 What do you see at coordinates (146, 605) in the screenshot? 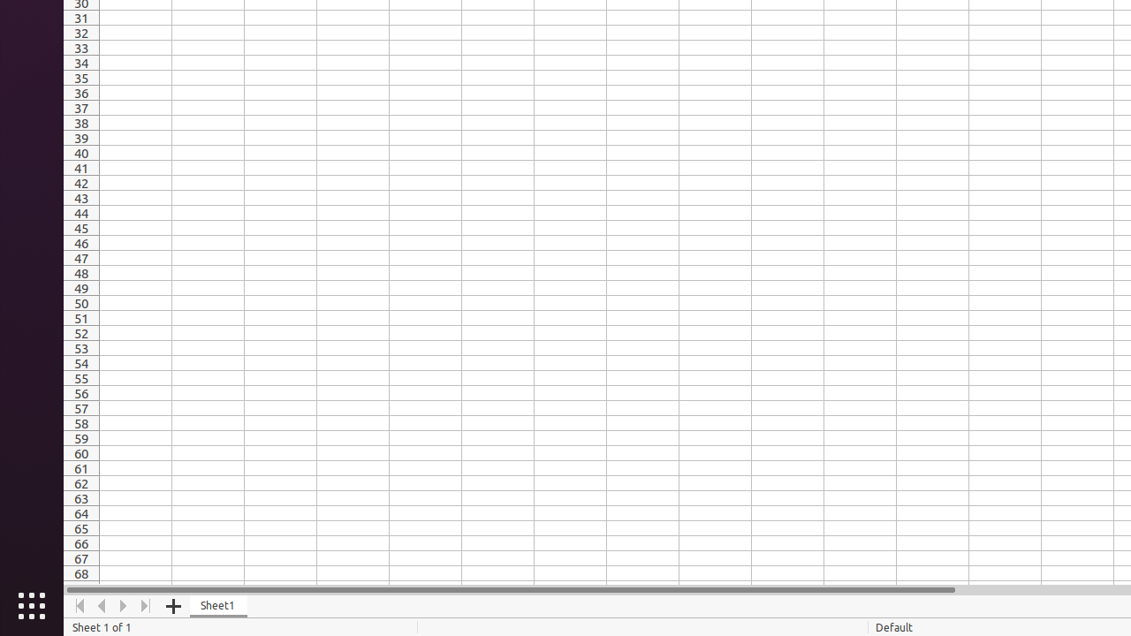
I see `'Move To End'` at bounding box center [146, 605].